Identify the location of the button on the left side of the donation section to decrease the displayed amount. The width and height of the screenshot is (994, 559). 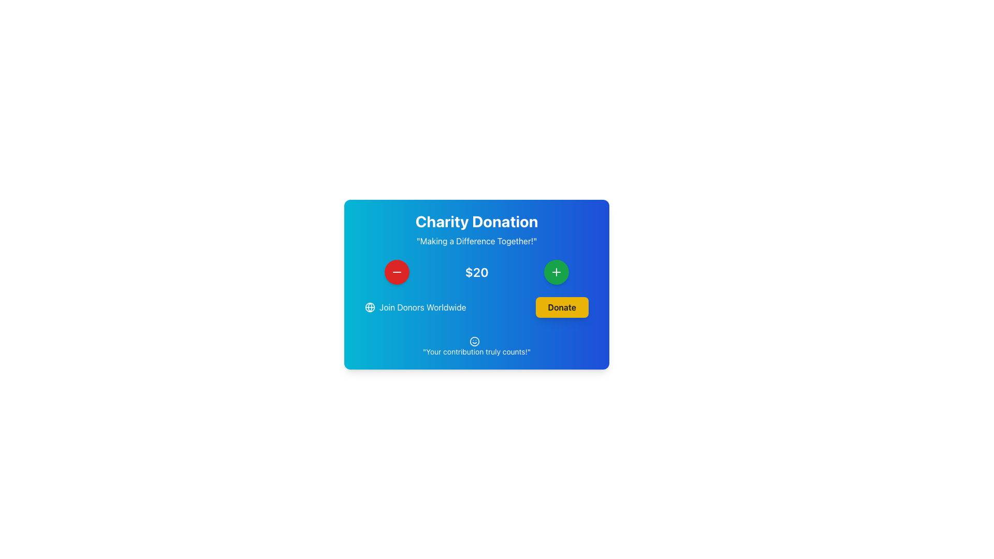
(396, 271).